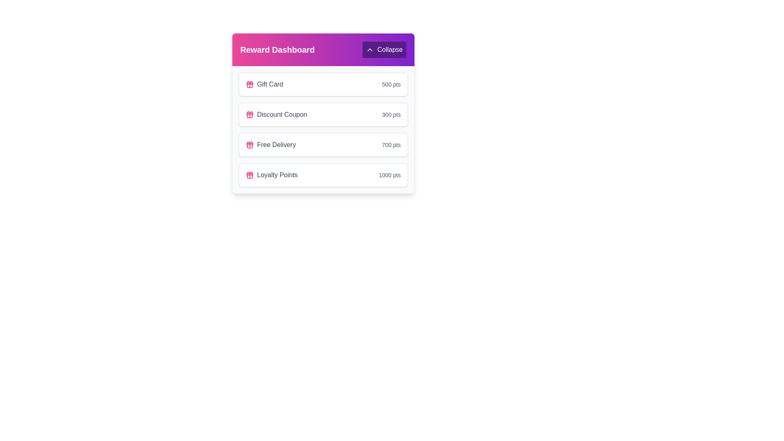 The image size is (784, 441). I want to click on the pink outline gift icon located next to the 'Discount Coupon' label in the rewards list, so click(249, 115).